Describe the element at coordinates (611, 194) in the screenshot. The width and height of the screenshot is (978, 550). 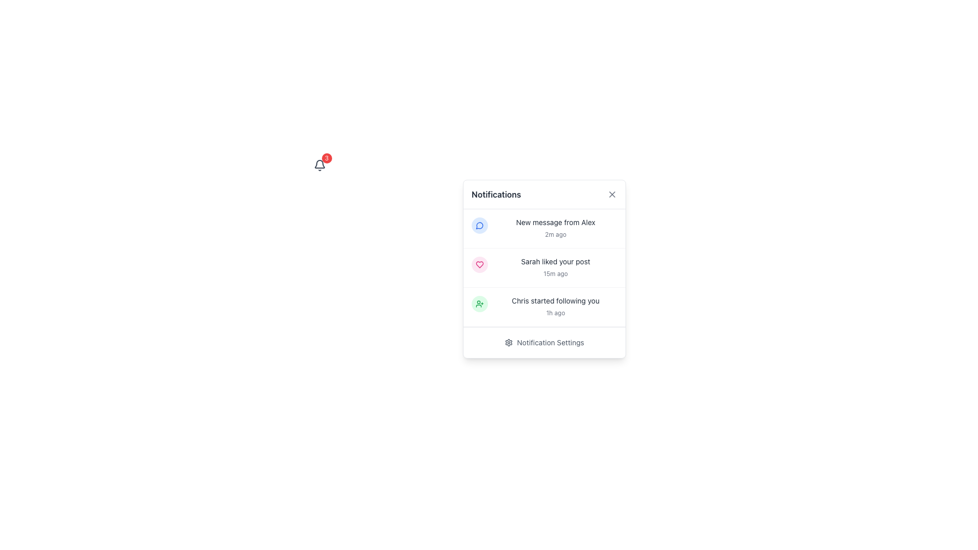
I see `the diagonal 'X' icon in the top-right corner of the notification card to trigger the tooltip or visual response` at that location.